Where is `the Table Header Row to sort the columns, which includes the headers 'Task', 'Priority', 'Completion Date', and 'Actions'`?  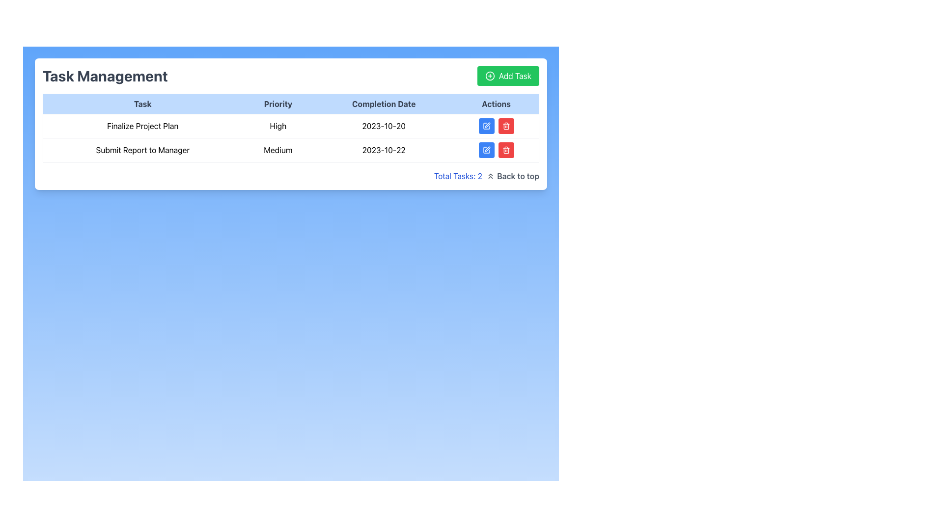
the Table Header Row to sort the columns, which includes the headers 'Task', 'Priority', 'Completion Date', and 'Actions' is located at coordinates (290, 104).